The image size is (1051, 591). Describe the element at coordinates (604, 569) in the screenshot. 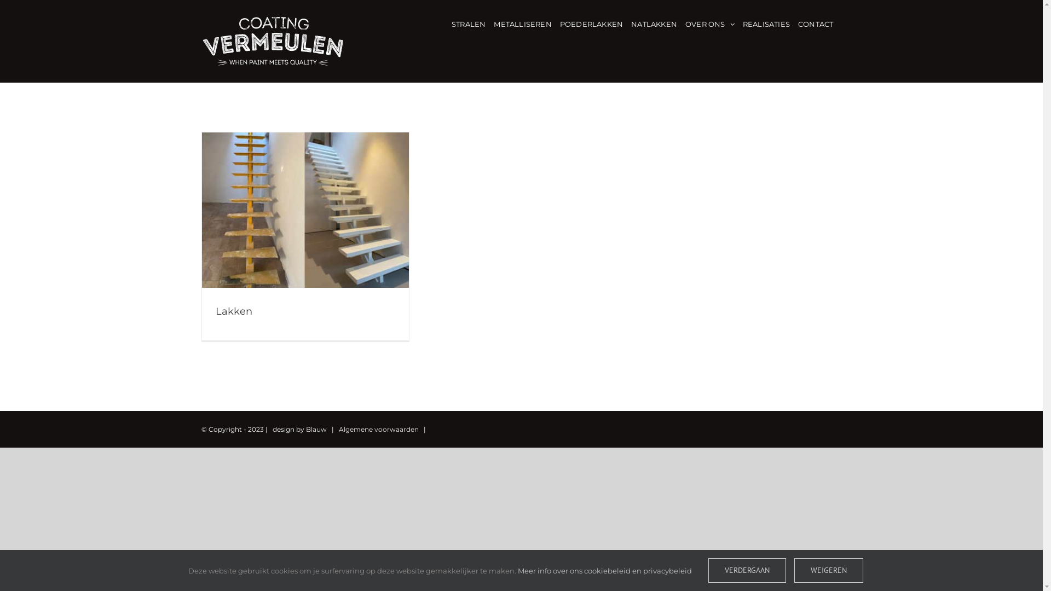

I see `'Meer info over ons cookiebeleid en privacybeleid'` at that location.